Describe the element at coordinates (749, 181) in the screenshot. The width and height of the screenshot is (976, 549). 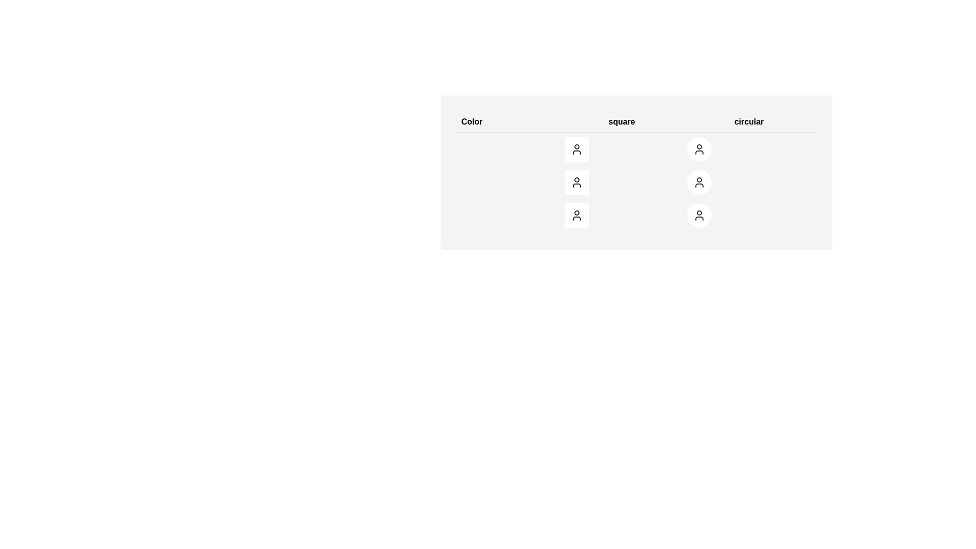
I see `the third table cell representing a user profile in the circular category, located in the third row of the table layout` at that location.